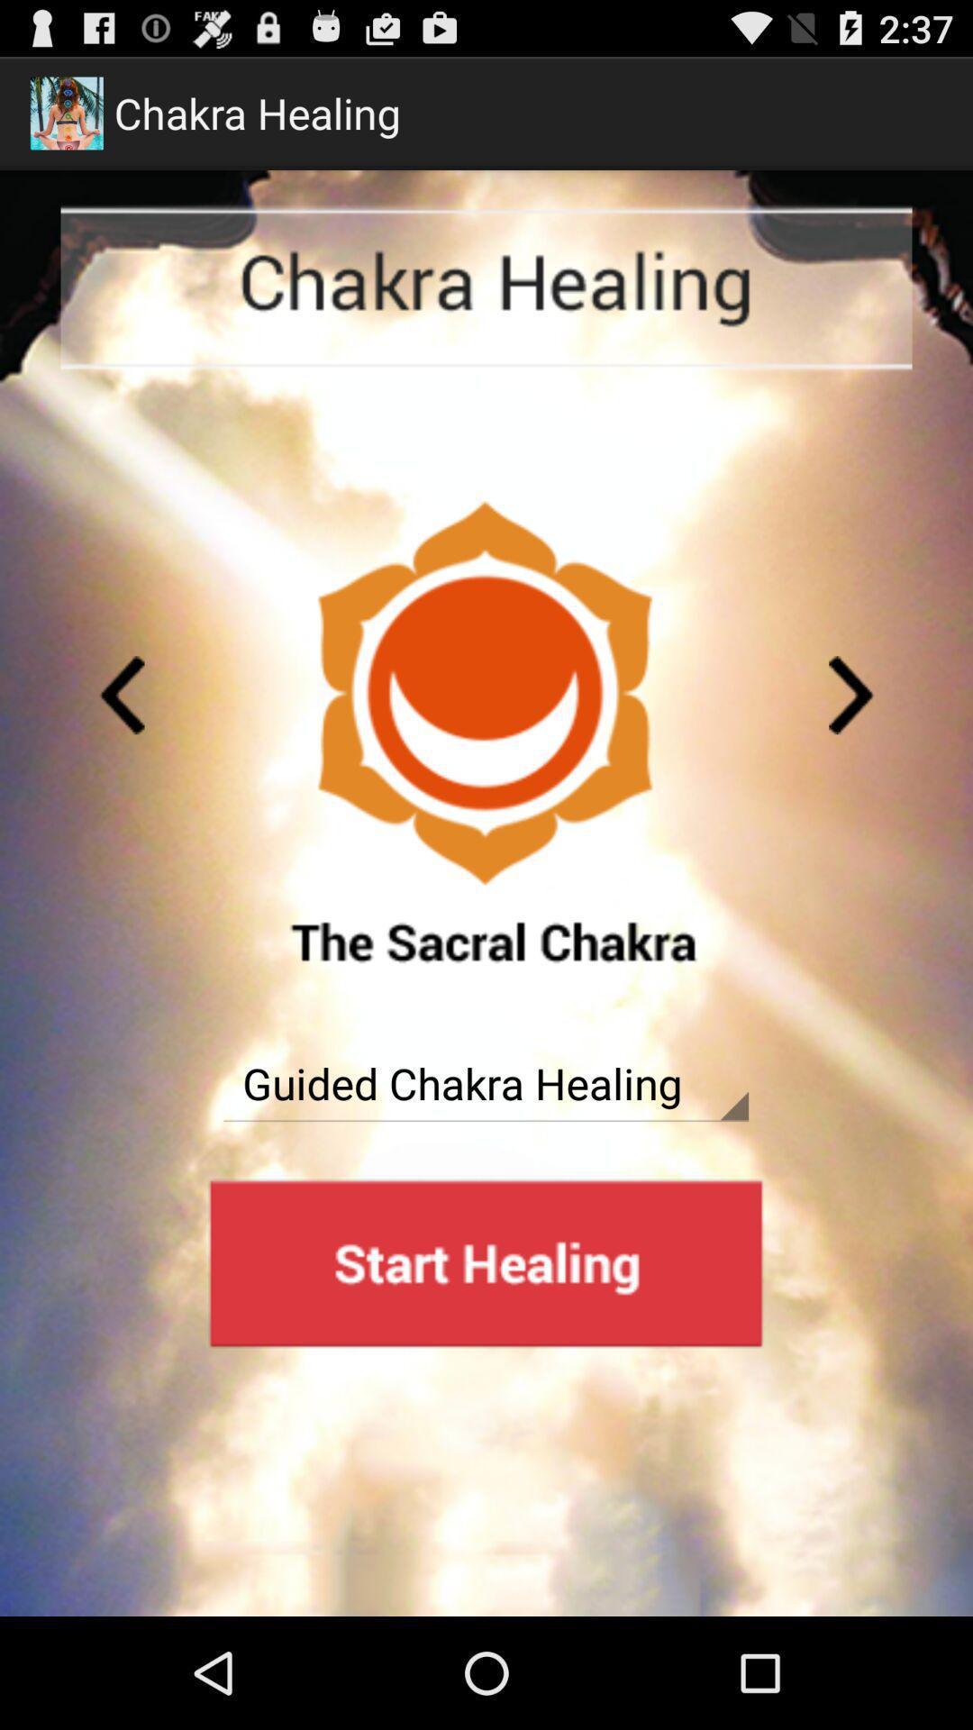  Describe the element at coordinates (851, 694) in the screenshot. I see `goto next` at that location.